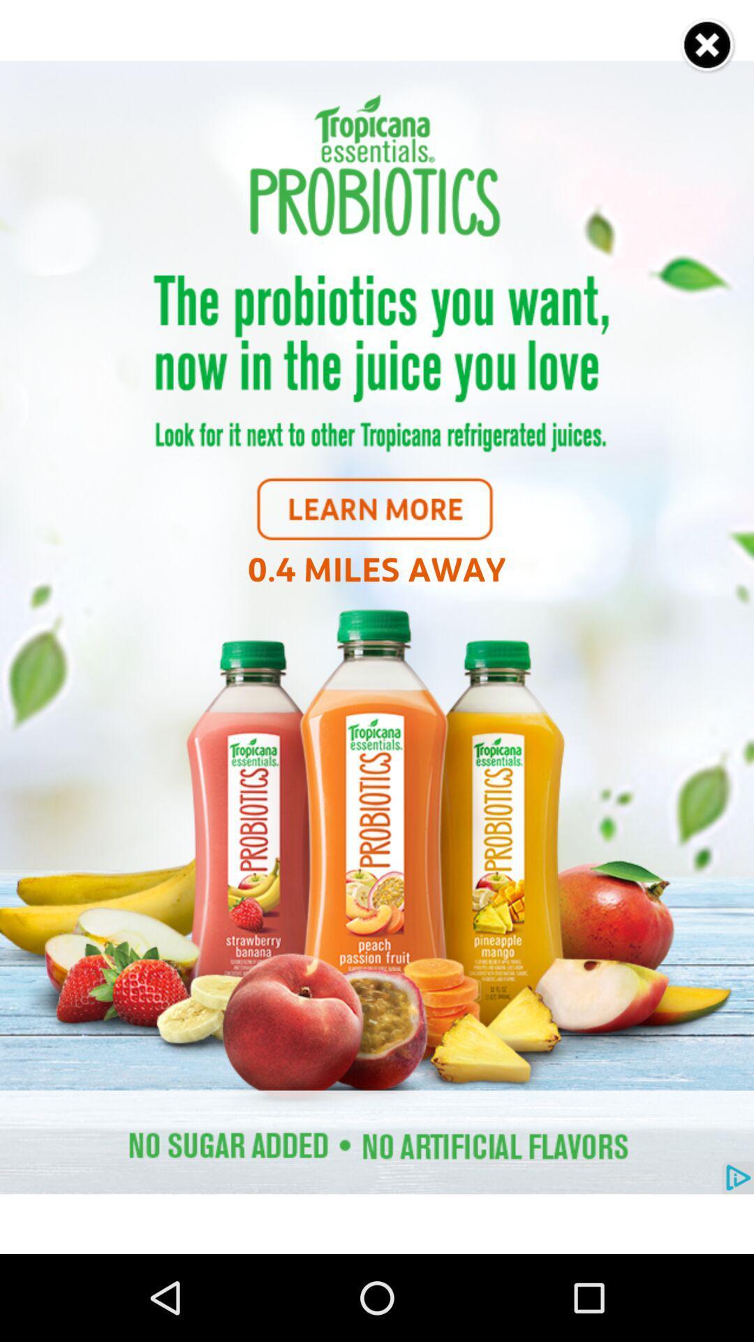 This screenshot has height=1342, width=754. I want to click on cancel button, so click(708, 45).